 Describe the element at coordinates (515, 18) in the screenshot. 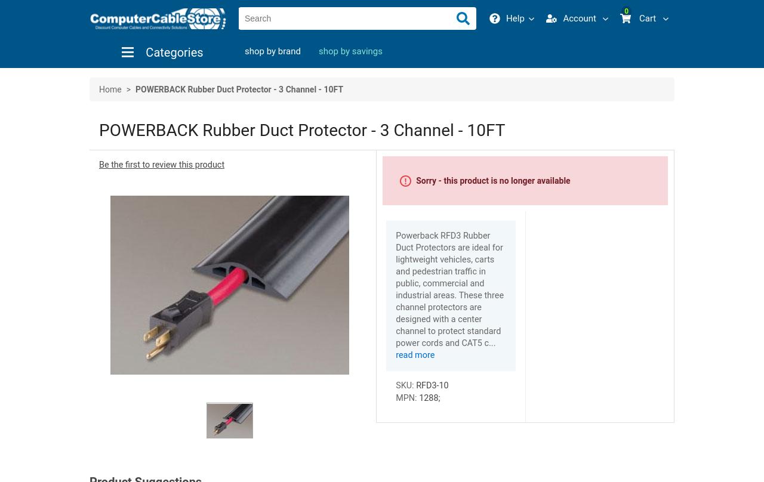

I see `'Help'` at that location.